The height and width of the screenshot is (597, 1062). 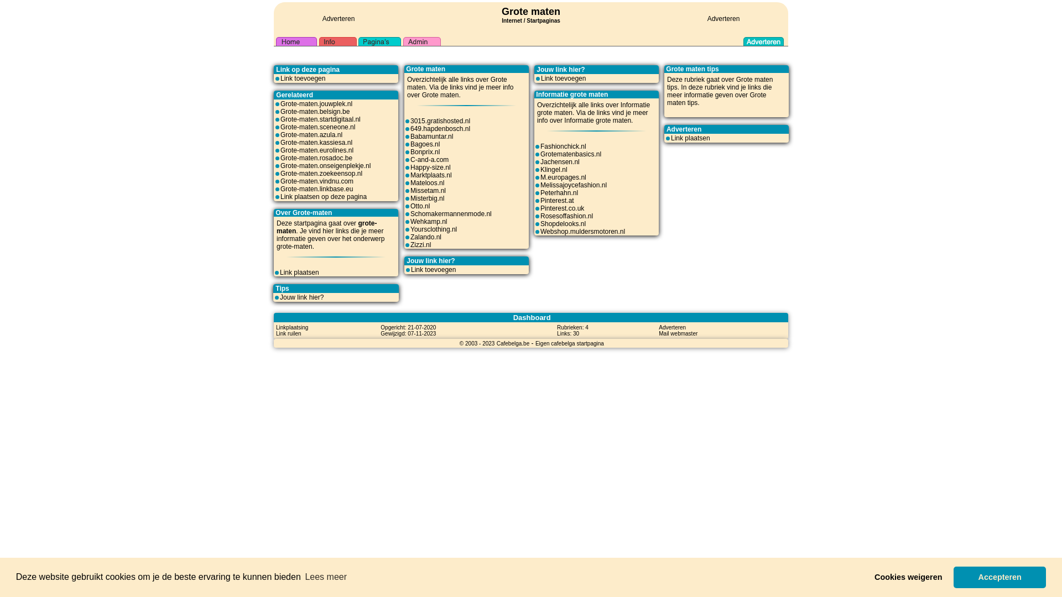 What do you see at coordinates (451, 213) in the screenshot?
I see `'Schomakermannenmode.nl'` at bounding box center [451, 213].